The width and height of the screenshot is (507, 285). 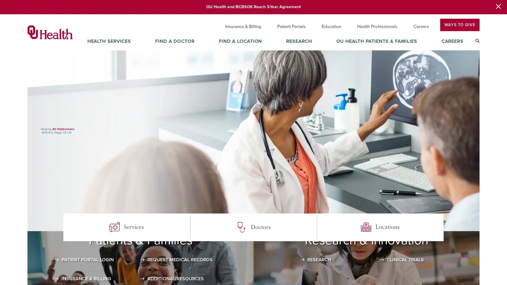 What do you see at coordinates (498, 258) in the screenshot?
I see `Explore your accessibility options` at bounding box center [498, 258].